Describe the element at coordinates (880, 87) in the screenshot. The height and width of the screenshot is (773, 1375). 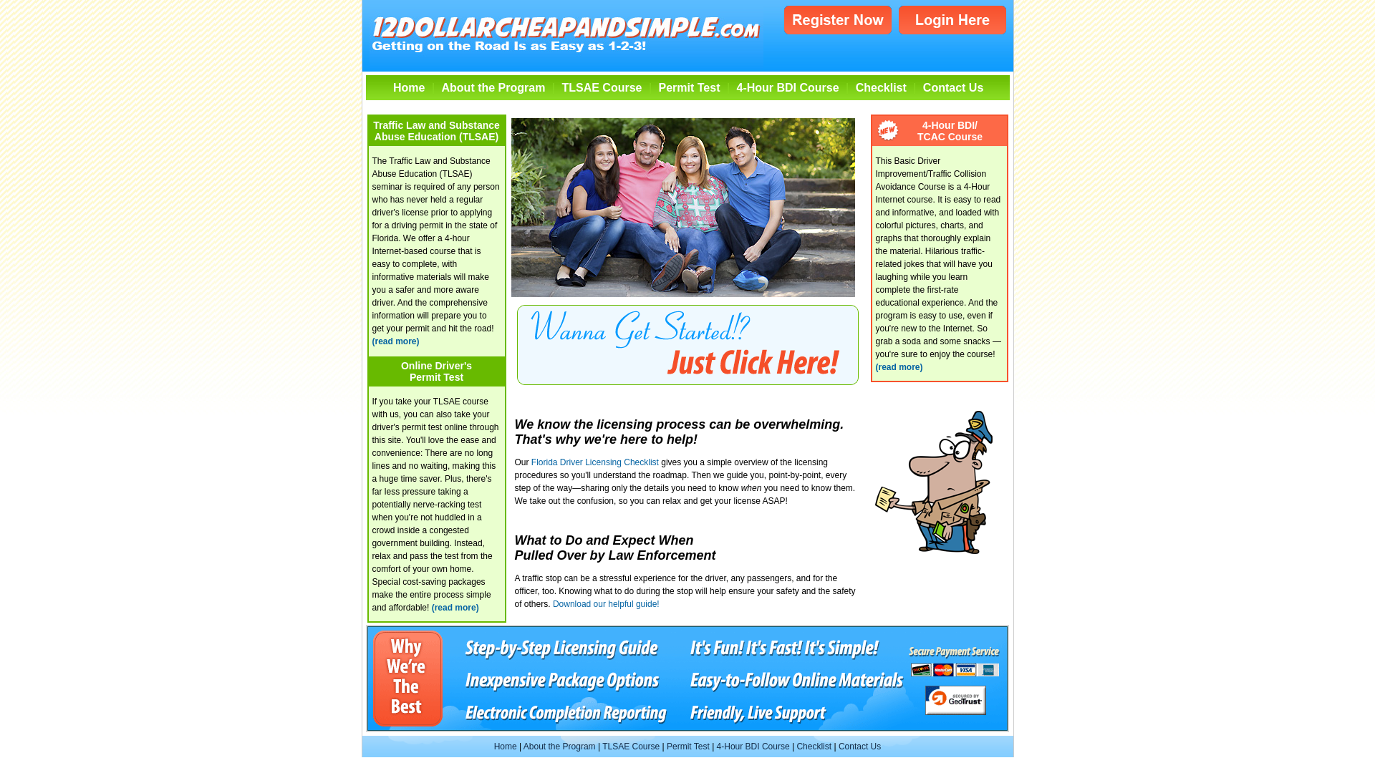
I see `'Checklist'` at that location.